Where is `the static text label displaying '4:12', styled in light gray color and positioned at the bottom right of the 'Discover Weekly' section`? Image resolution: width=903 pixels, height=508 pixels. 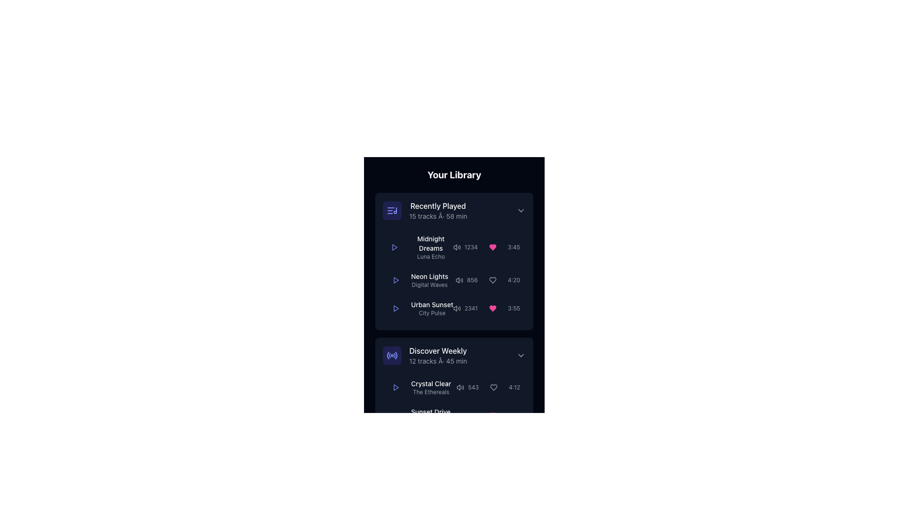 the static text label displaying '4:12', styled in light gray color and positioned at the bottom right of the 'Discover Weekly' section is located at coordinates (514, 388).